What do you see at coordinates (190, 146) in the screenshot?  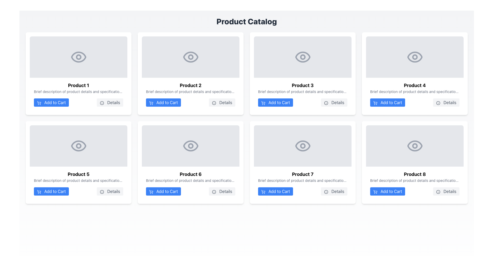 I see `the details of the visual placeholder with a gray background and an eye icon, located in the 'Product 6' card` at bounding box center [190, 146].